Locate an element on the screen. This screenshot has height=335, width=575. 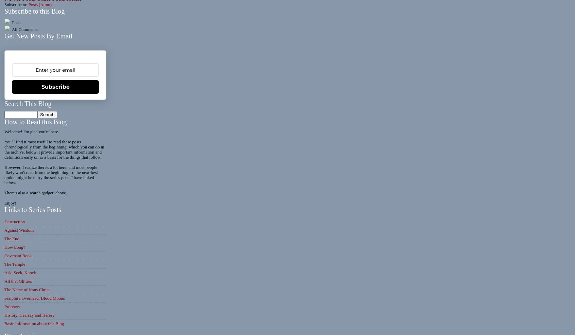
'Destruction' is located at coordinates (14, 222).